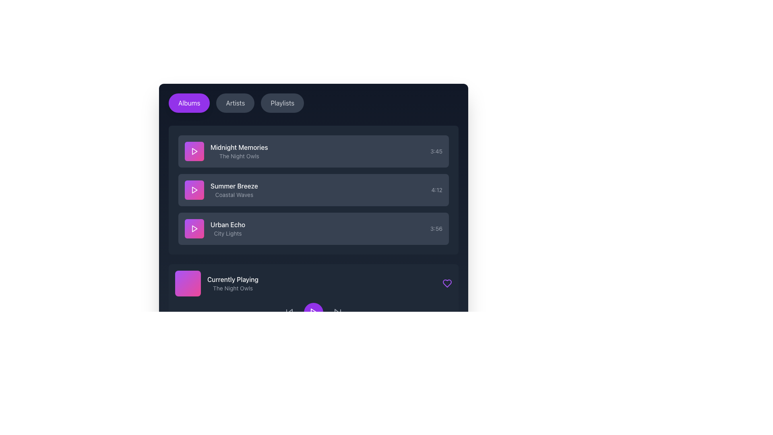  I want to click on the forward skip button, which is styled as an arrow with a vertical line beside it and is located at the far right of the control group in the bottom section of the interface, so click(338, 312).